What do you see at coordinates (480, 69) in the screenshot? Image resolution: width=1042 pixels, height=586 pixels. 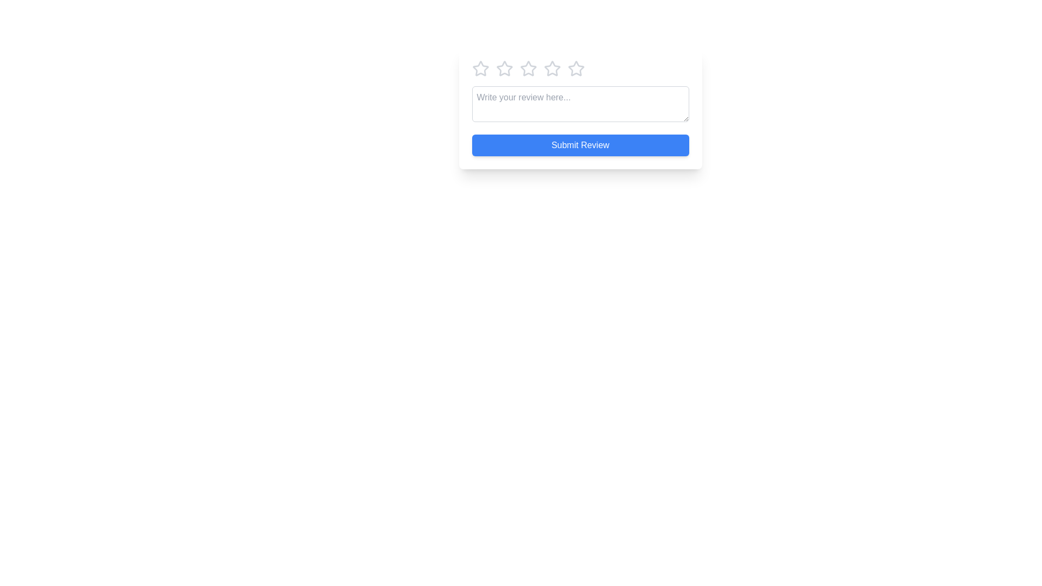 I see `the first gray outline star icon in the rating section` at bounding box center [480, 69].